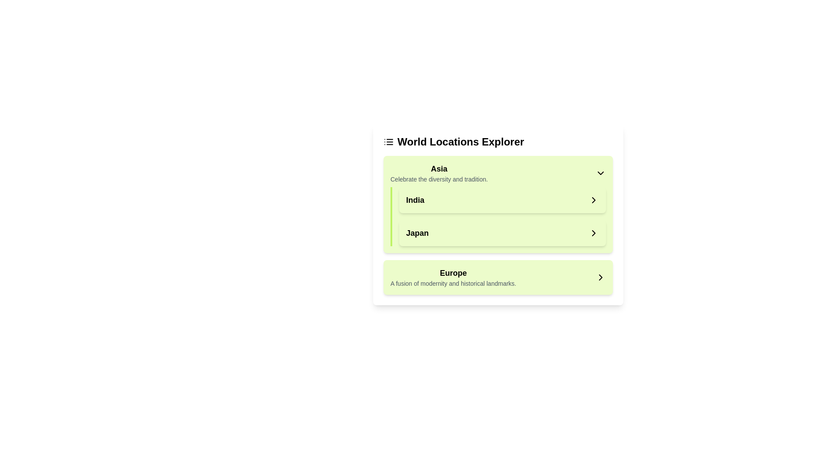 The image size is (834, 469). Describe the element at coordinates (593, 200) in the screenshot. I see `the right-pointing chevron (>) icon located within a green background next to the text 'India' in the 'Asia' section` at that location.